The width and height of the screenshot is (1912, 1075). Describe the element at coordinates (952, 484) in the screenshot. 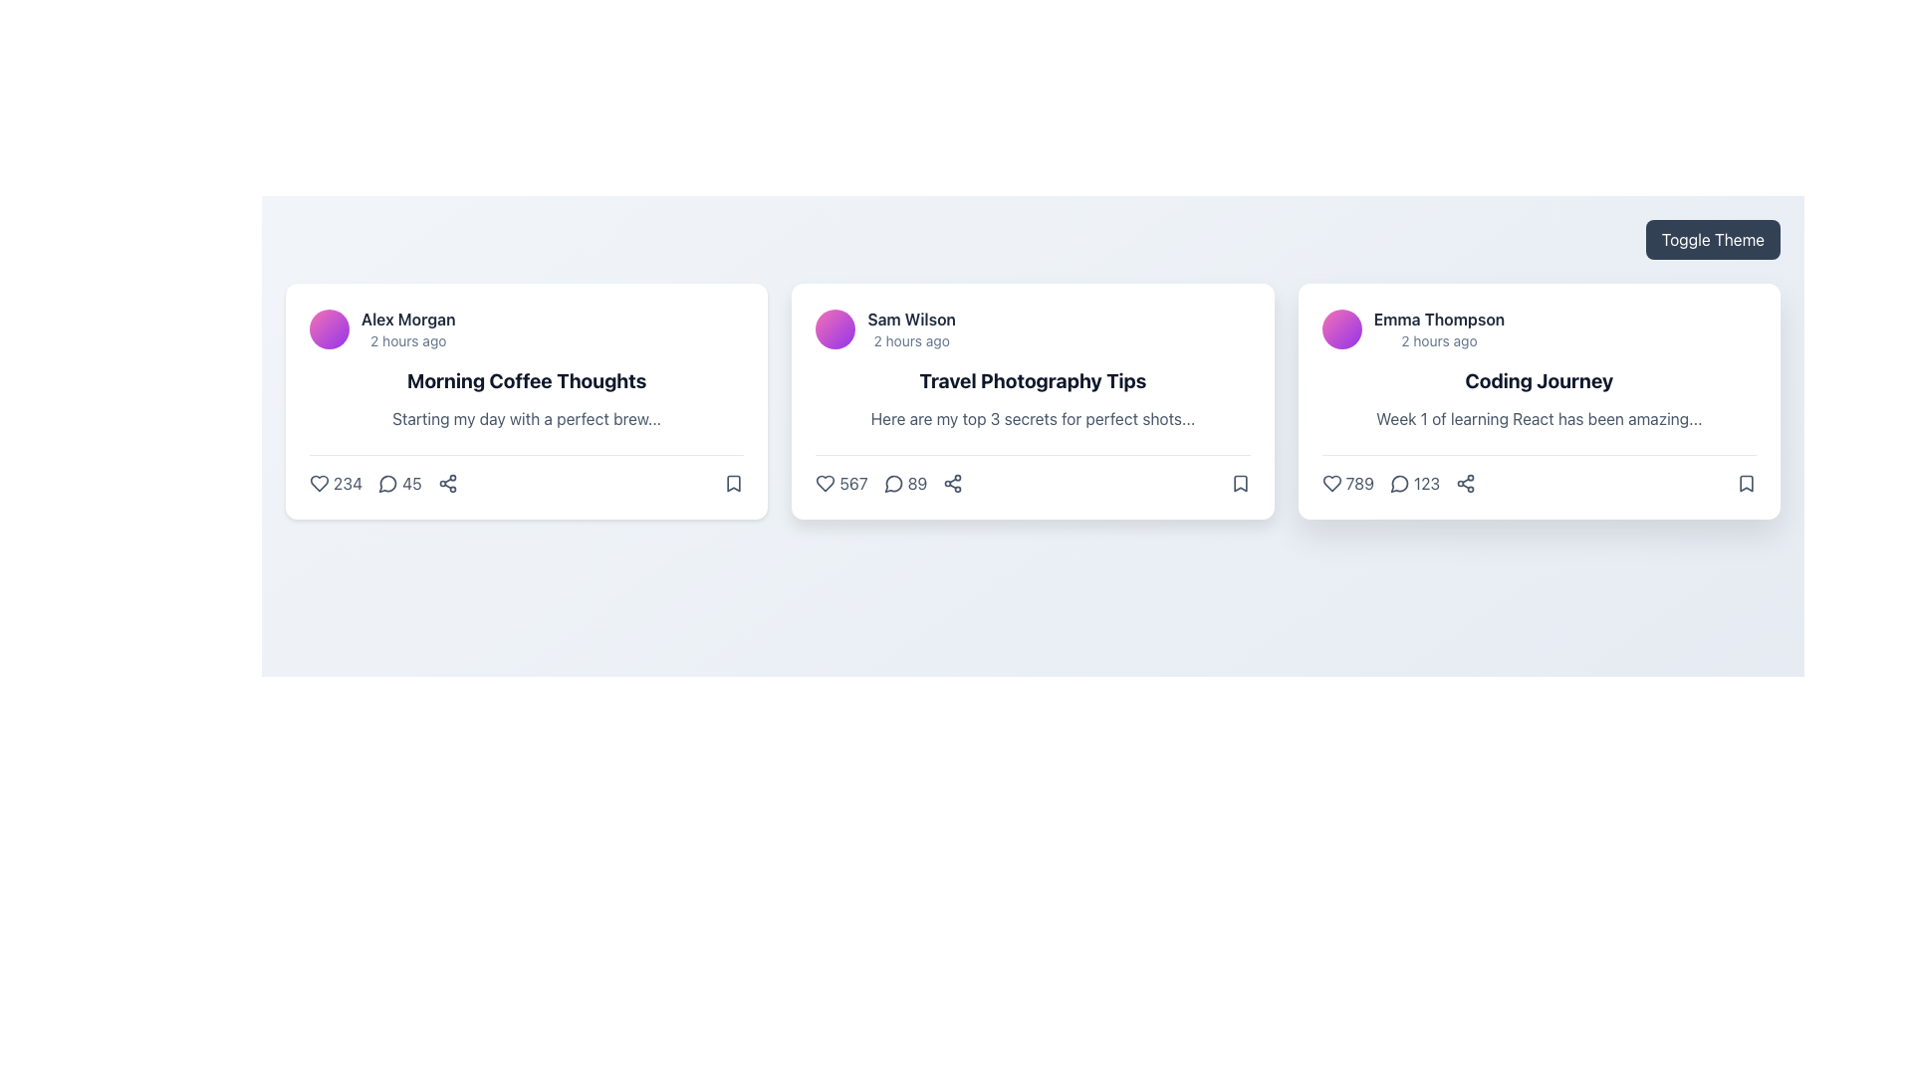

I see `the share icon button, which is the third interactive element in the lower row of the 'Travel Photography Tips' post card, to activate its visual feedback effect` at that location.